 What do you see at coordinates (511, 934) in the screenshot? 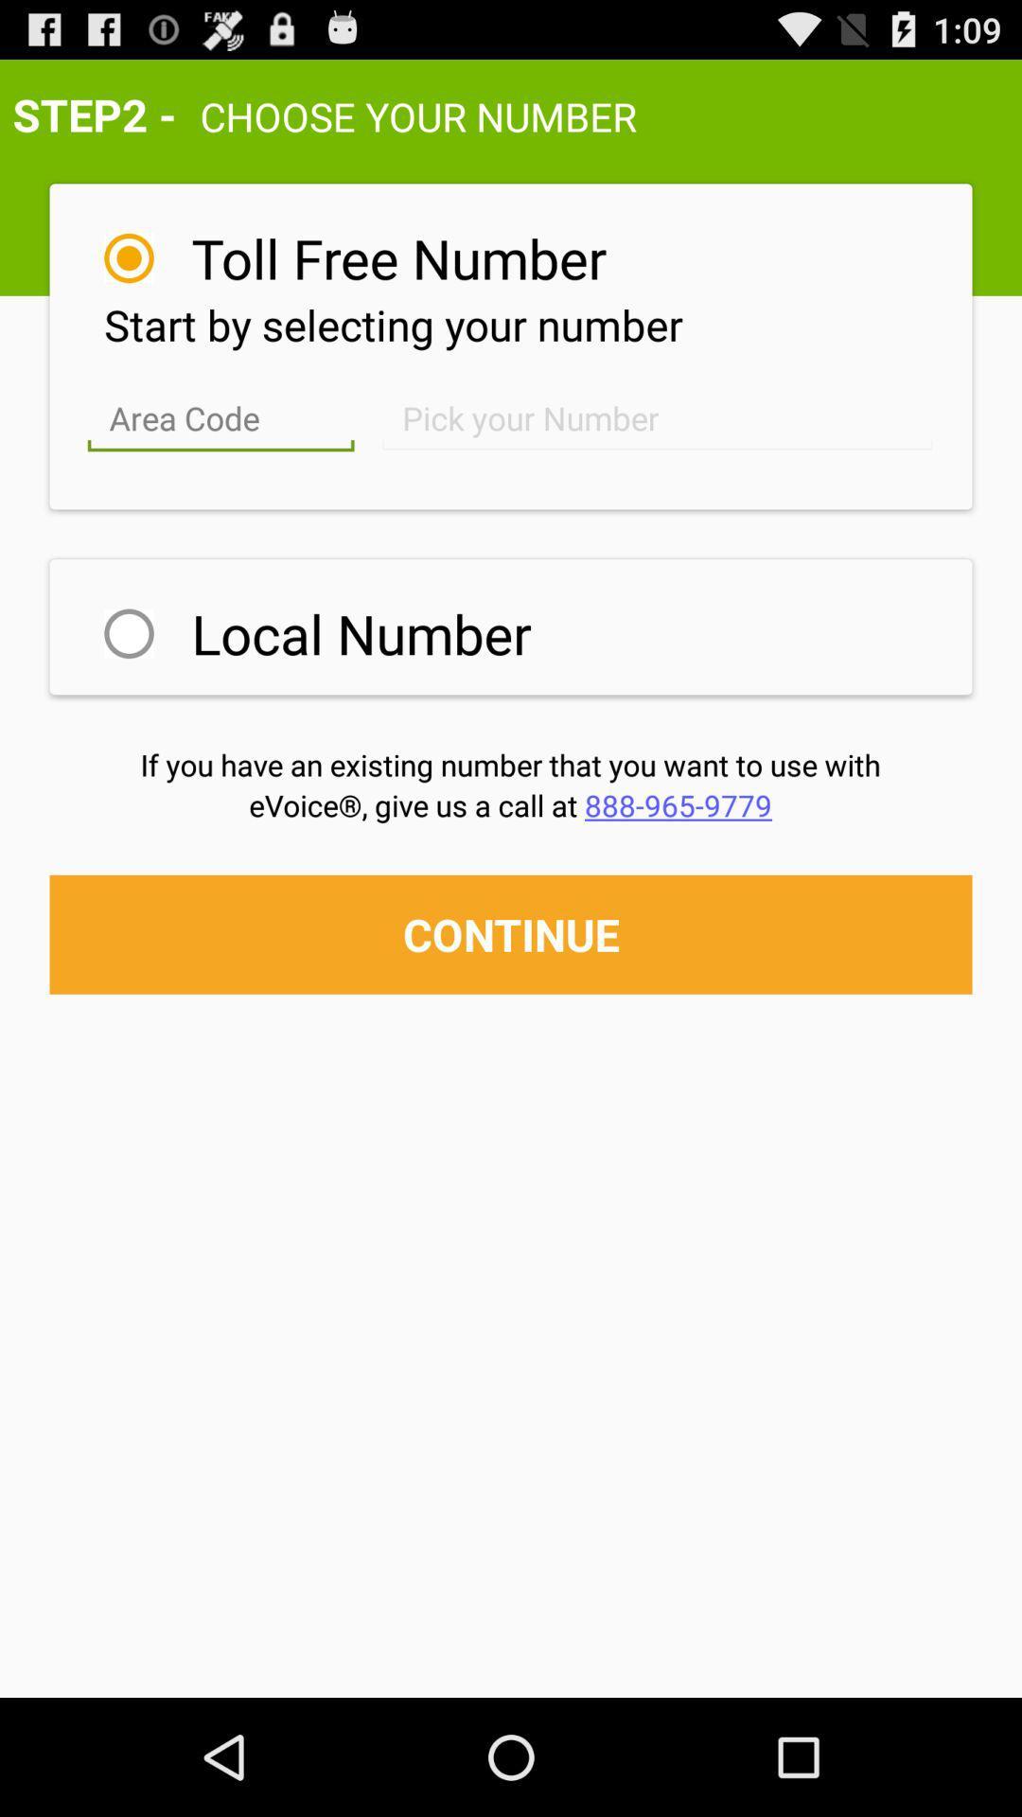
I see `continue button` at bounding box center [511, 934].